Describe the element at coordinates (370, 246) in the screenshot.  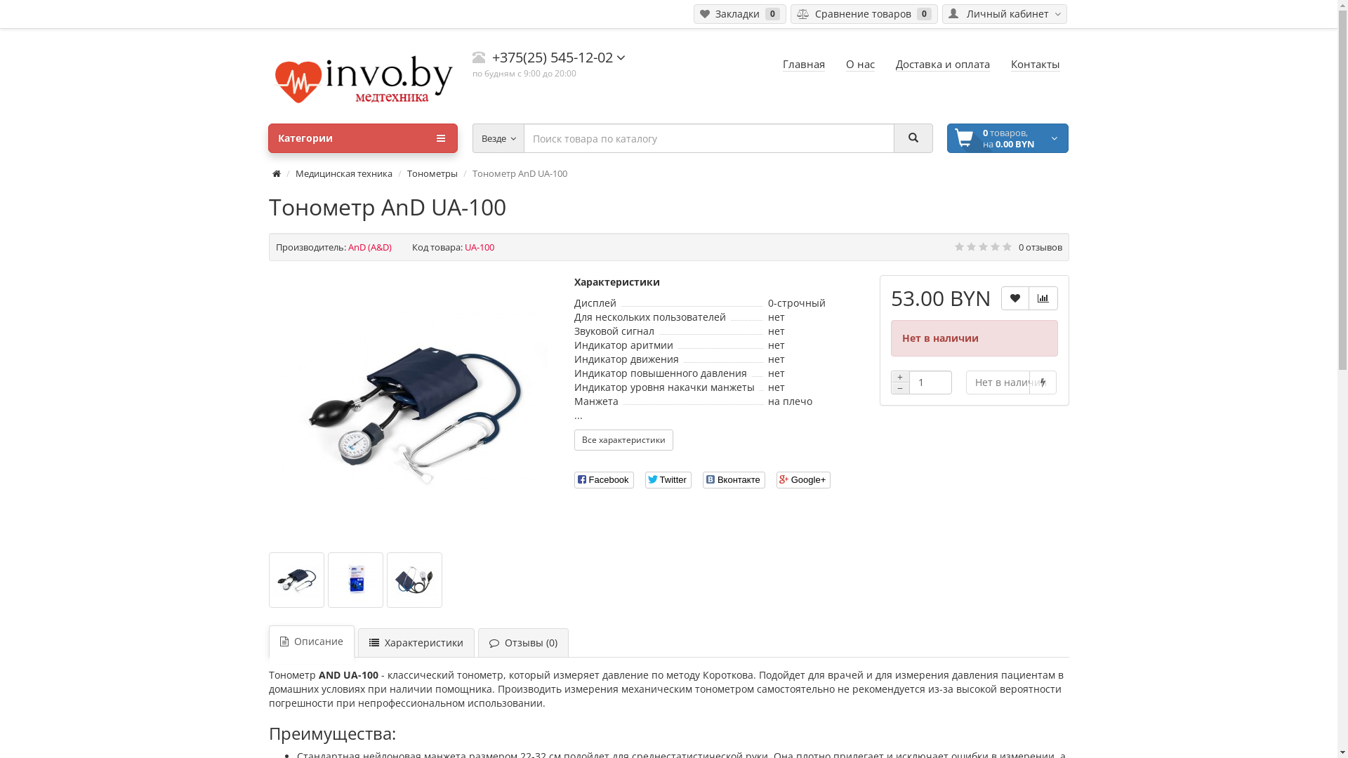
I see `'AnD (A&D)'` at that location.